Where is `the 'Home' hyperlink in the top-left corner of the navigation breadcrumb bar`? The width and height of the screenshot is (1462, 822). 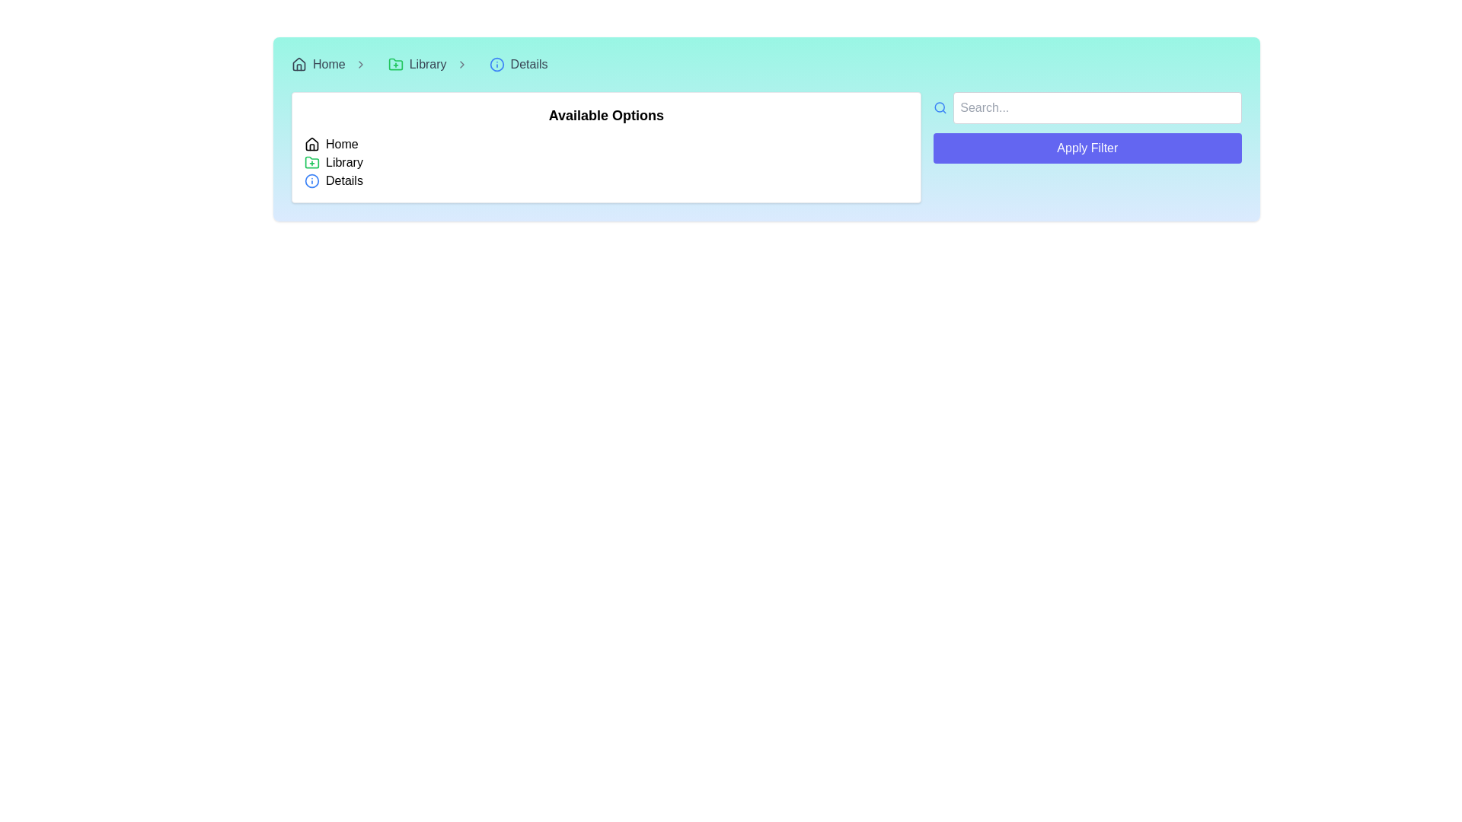
the 'Home' hyperlink in the top-left corner of the navigation breadcrumb bar is located at coordinates (318, 63).